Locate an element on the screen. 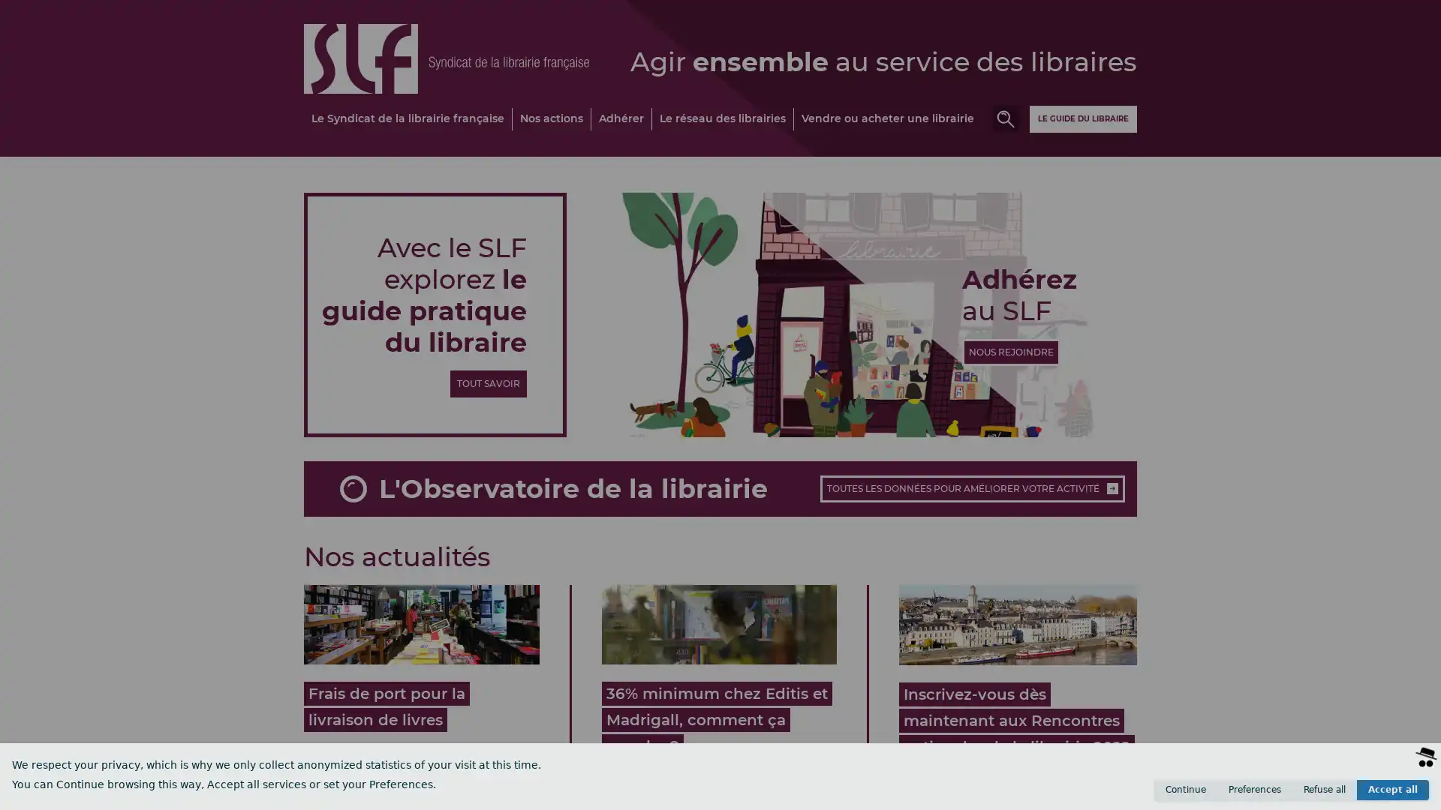 This screenshot has height=810, width=1441. Invisible is located at coordinates (1352, 794).